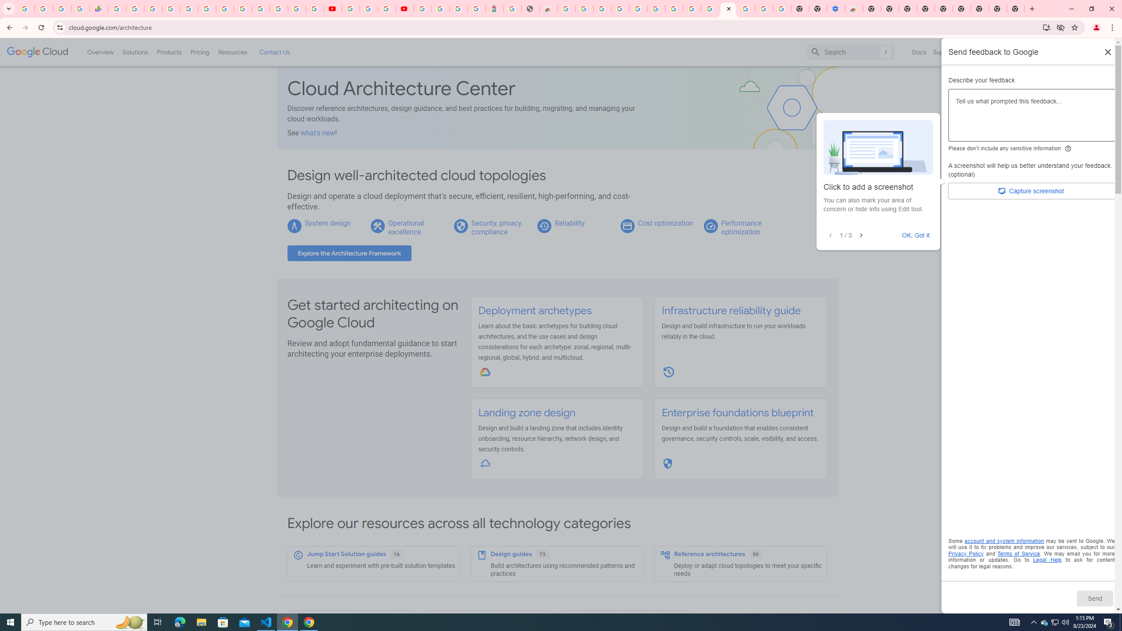 The width and height of the screenshot is (1122, 631). I want to click on 'Google Account Help', so click(368, 8).